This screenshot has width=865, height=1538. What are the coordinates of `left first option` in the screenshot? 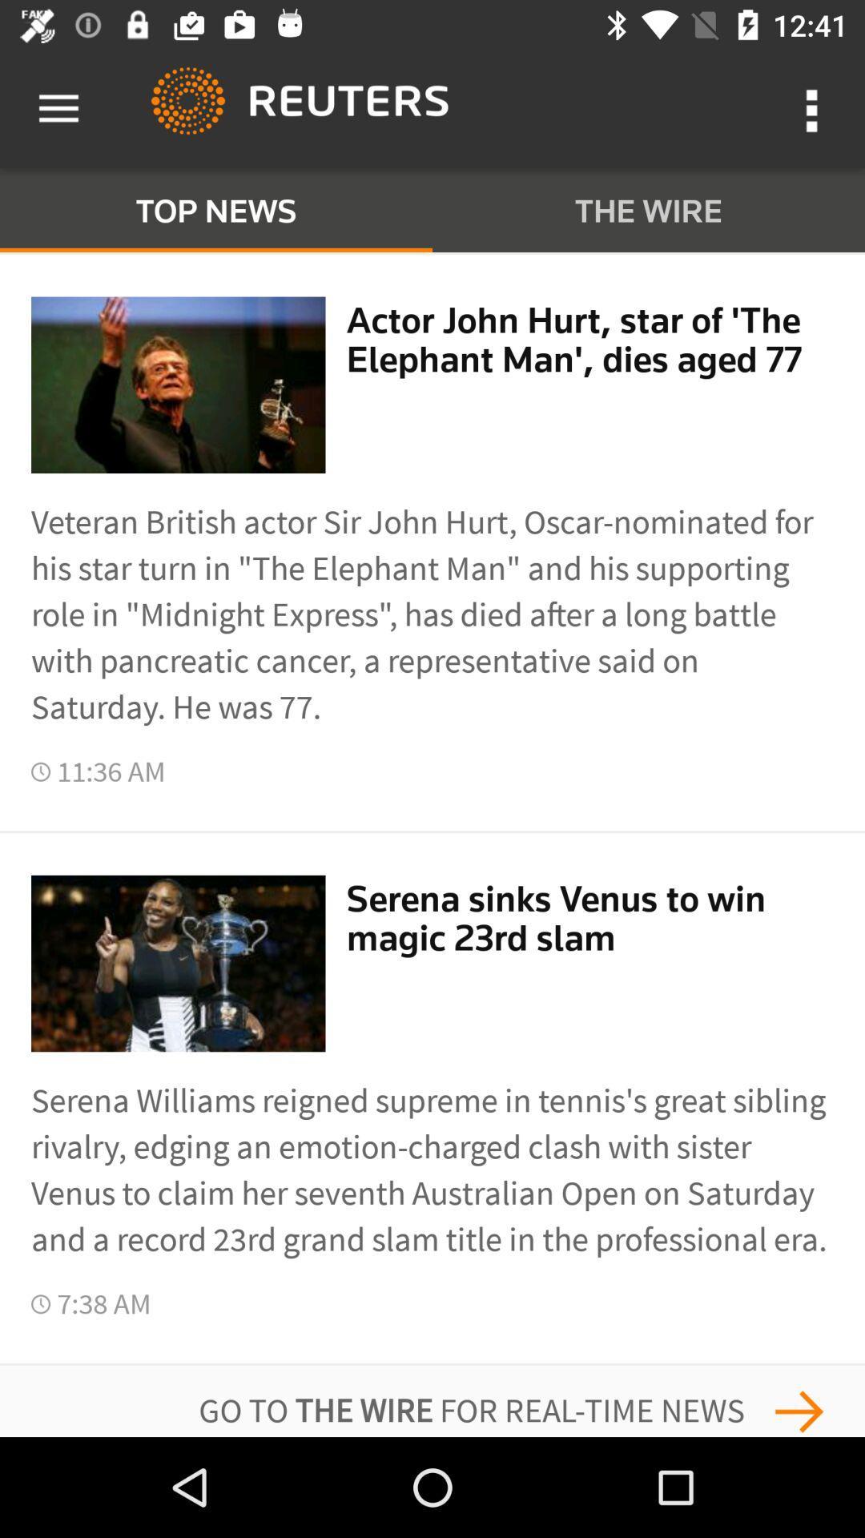 It's located at (179, 384).